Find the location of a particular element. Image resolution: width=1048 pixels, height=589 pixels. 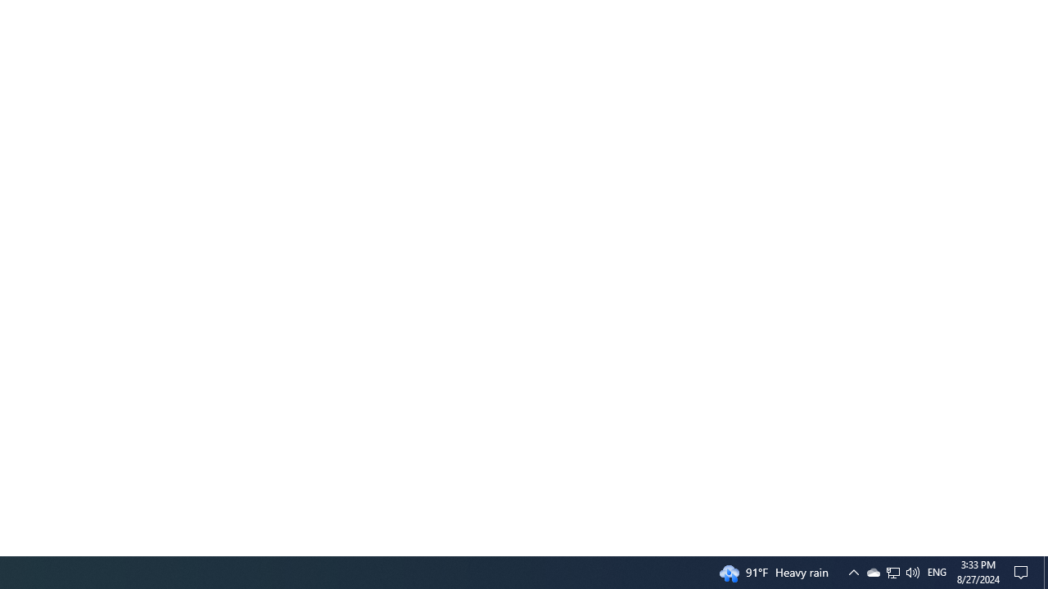

'Tray Input Indicator - English (United States)' is located at coordinates (937, 571).